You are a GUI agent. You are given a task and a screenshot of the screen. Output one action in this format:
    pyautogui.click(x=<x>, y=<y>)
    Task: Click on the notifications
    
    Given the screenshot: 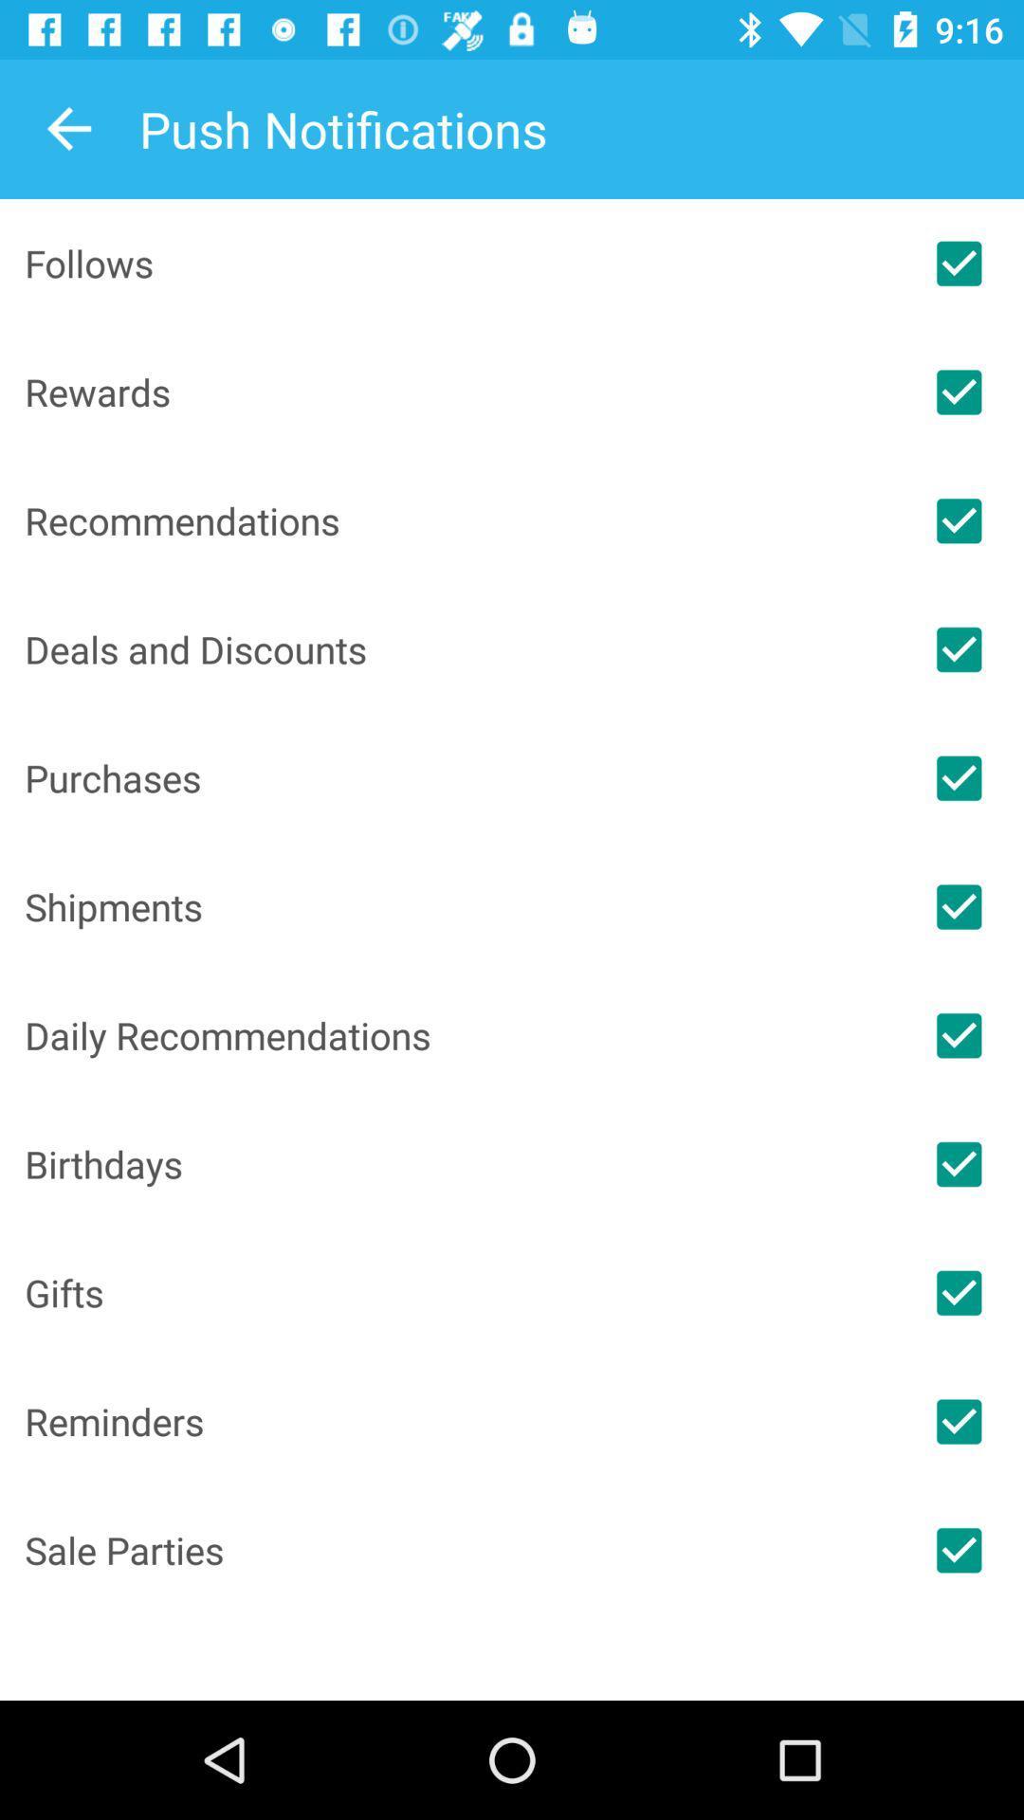 What is the action you would take?
    pyautogui.click(x=959, y=905)
    